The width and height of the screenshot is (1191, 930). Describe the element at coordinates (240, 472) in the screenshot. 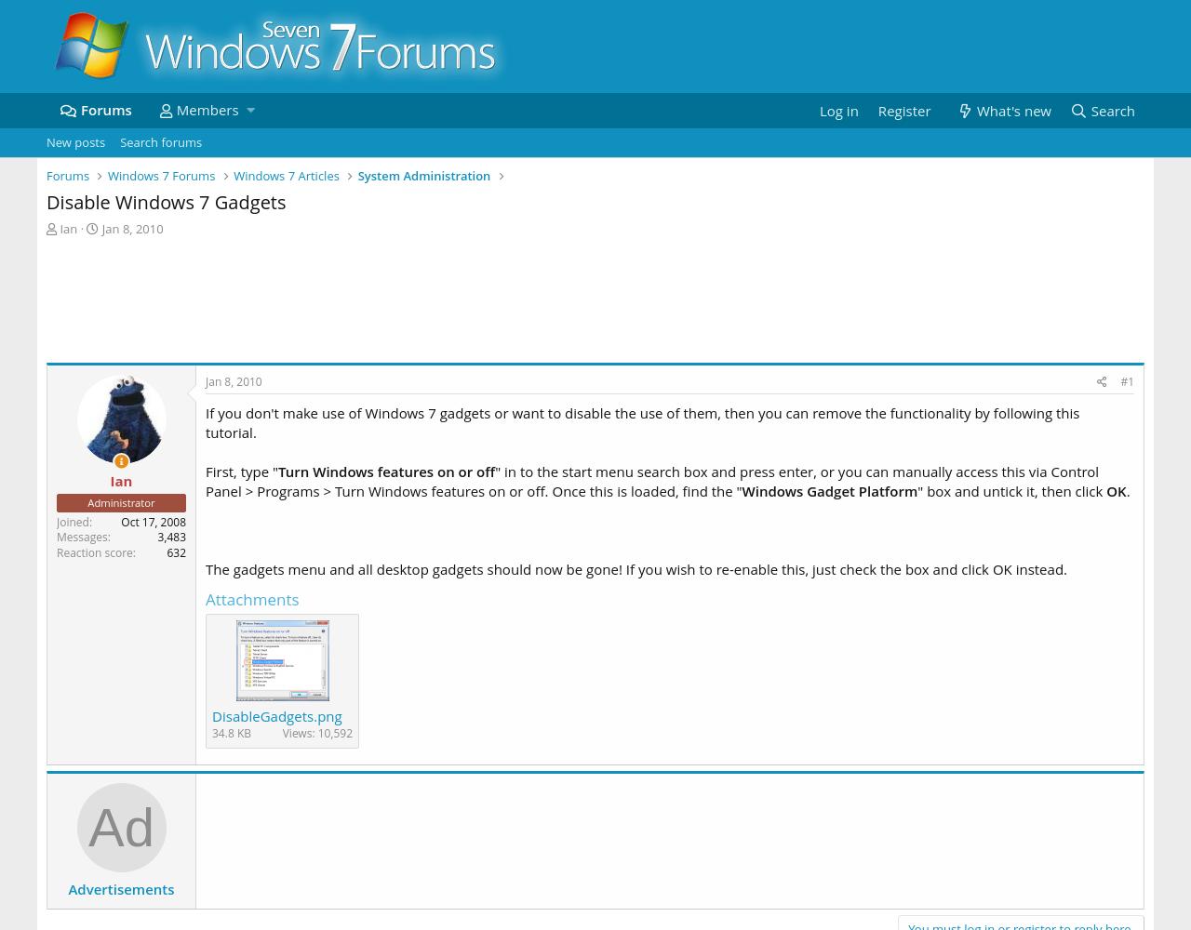

I see `'First, type "'` at that location.